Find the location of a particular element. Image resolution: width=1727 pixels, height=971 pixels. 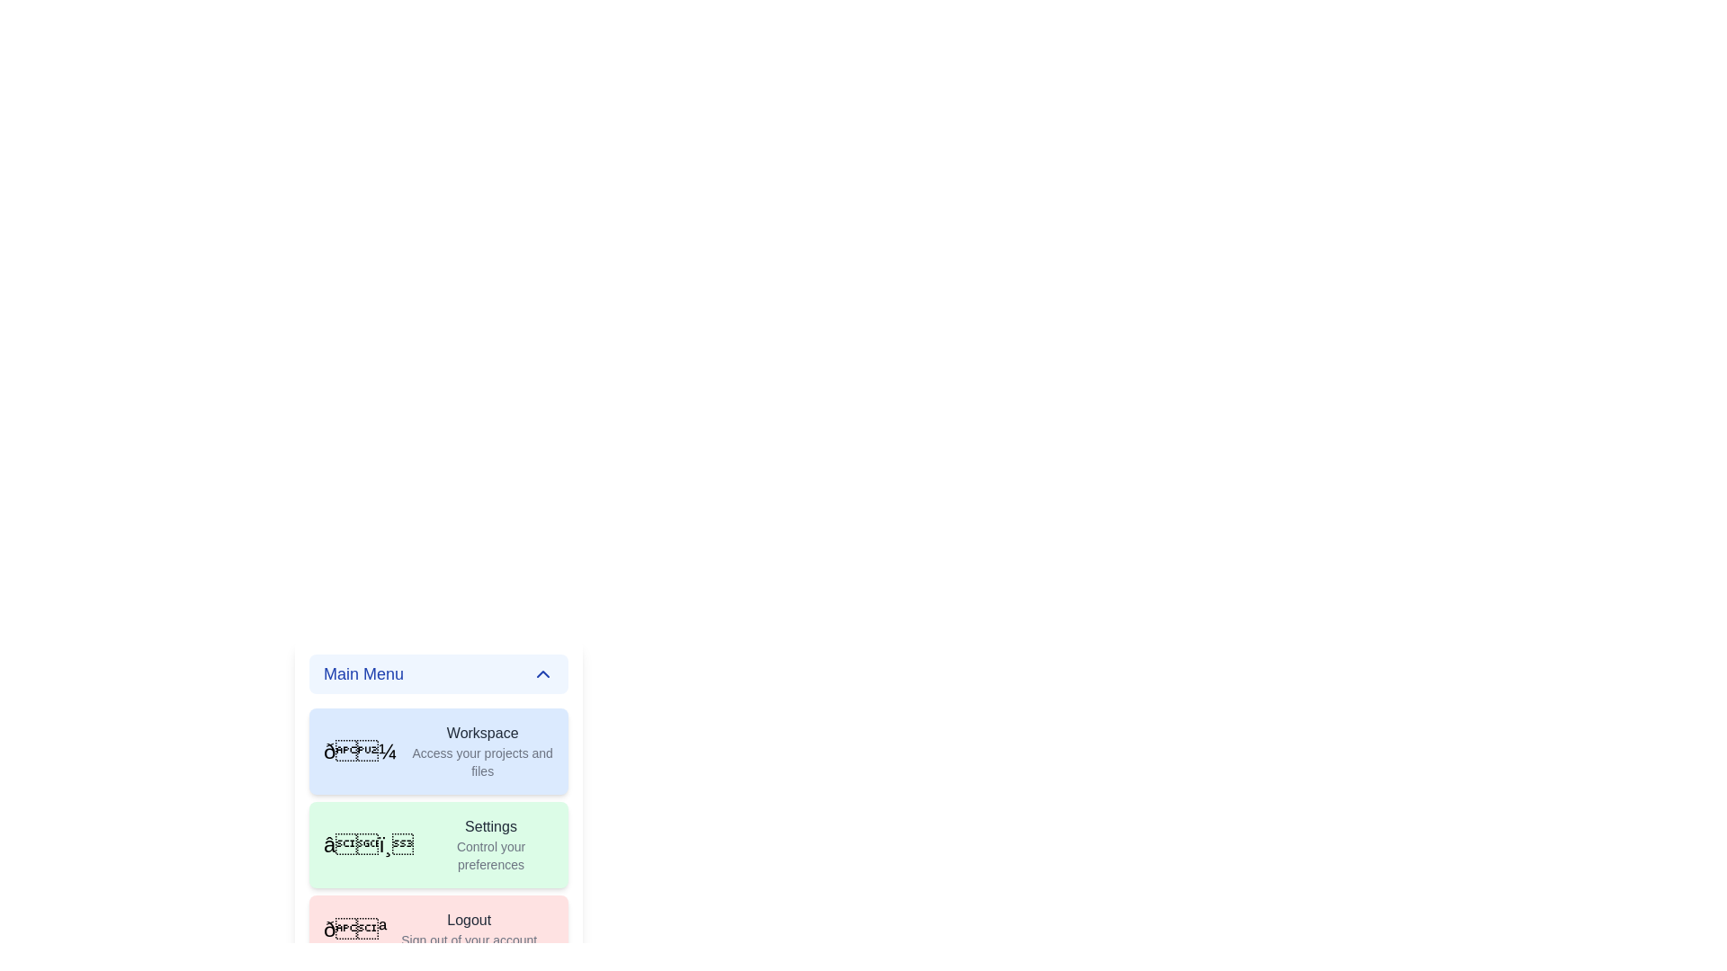

the settings menu option, which is the second item in a vertical list with a light green background, positioned between 'Workspace' and 'Logout' is located at coordinates (491, 845).